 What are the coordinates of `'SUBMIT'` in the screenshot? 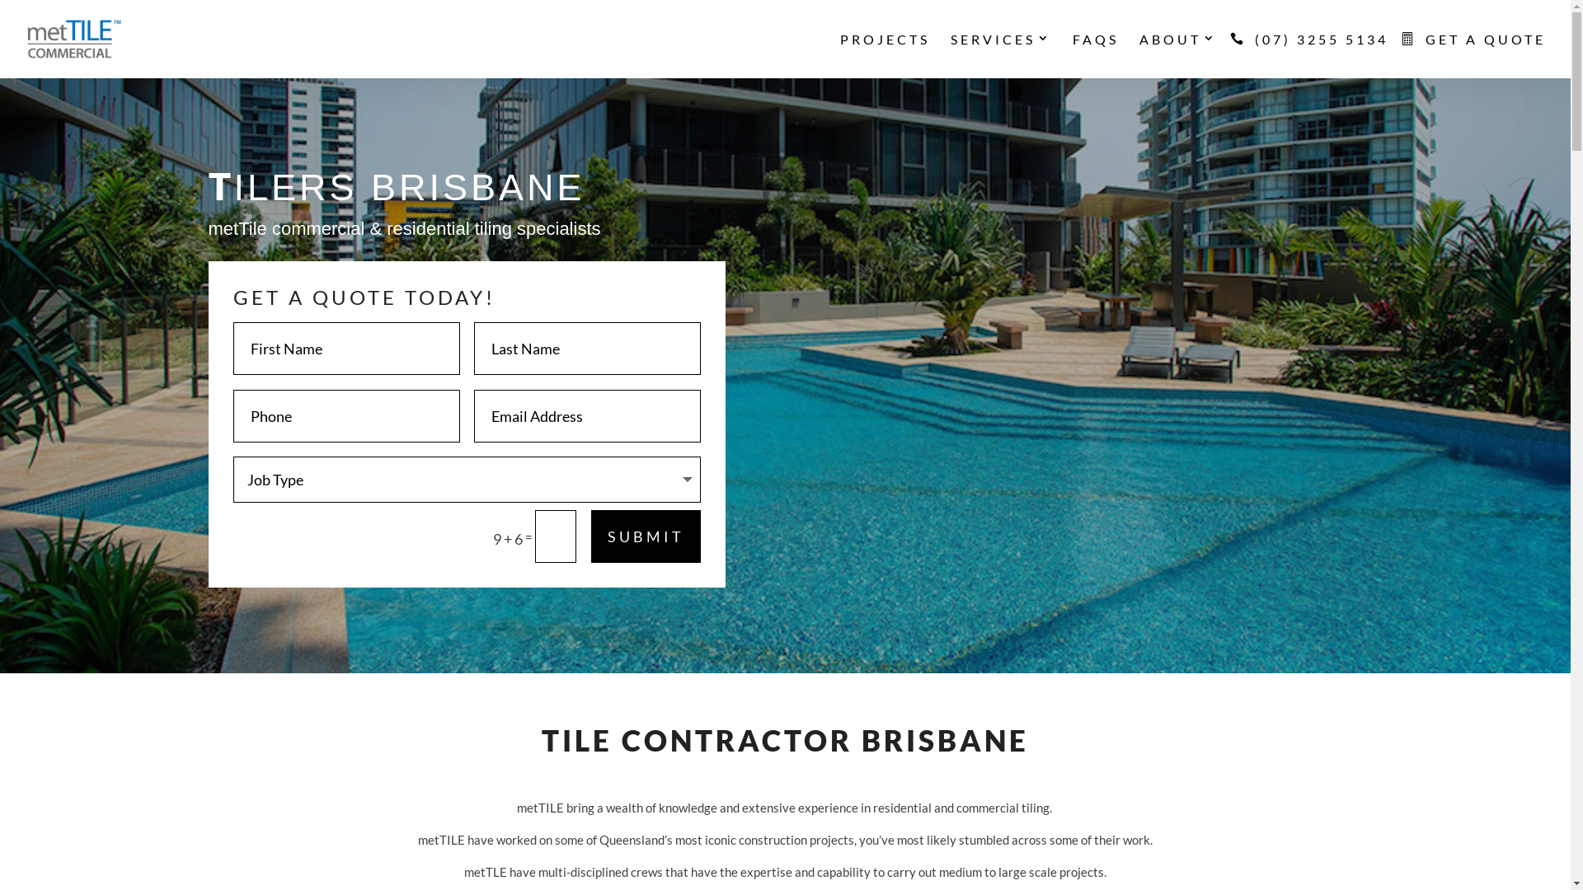 It's located at (645, 536).